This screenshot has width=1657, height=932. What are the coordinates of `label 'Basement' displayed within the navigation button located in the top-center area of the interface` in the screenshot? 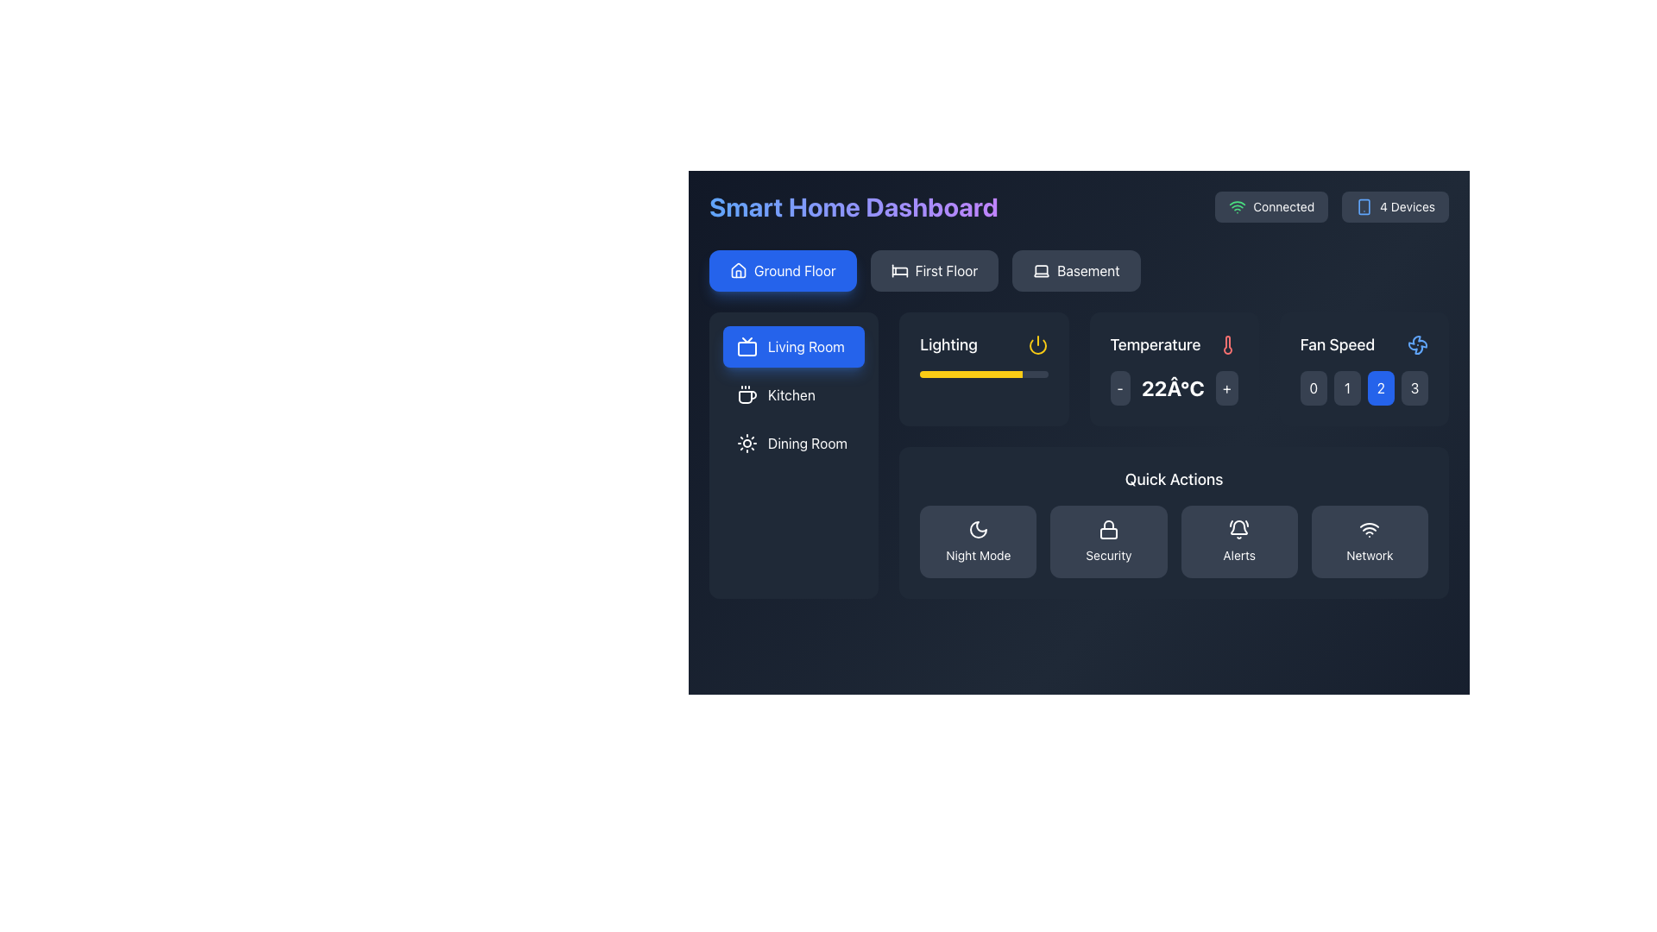 It's located at (1087, 270).